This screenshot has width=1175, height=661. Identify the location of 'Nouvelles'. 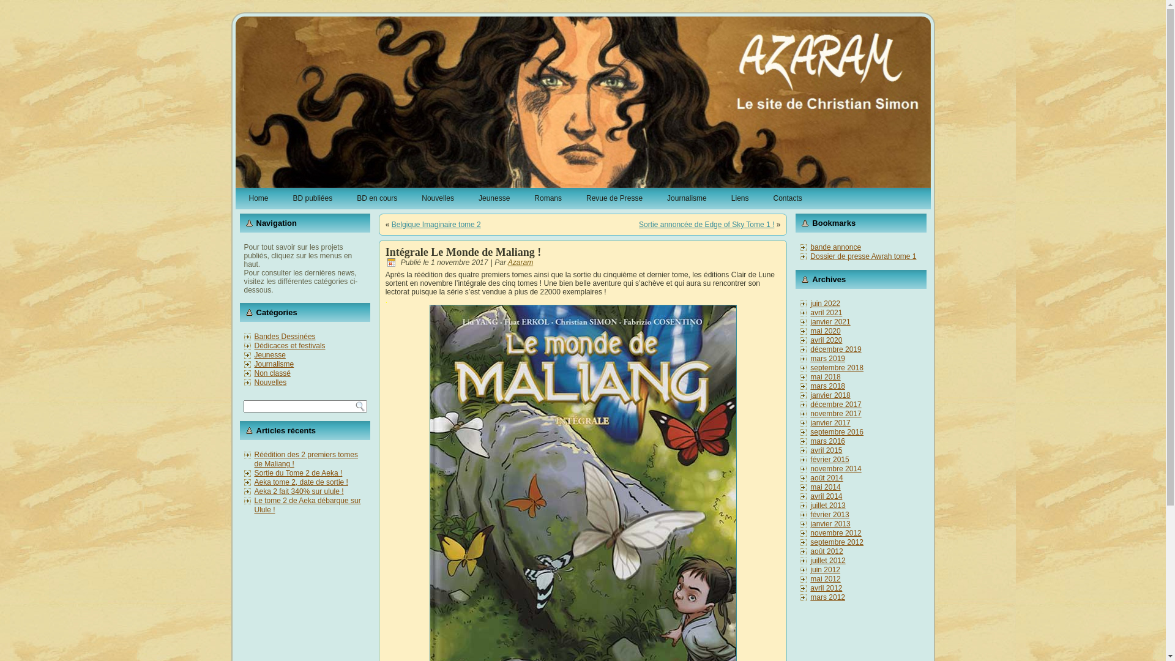
(438, 198).